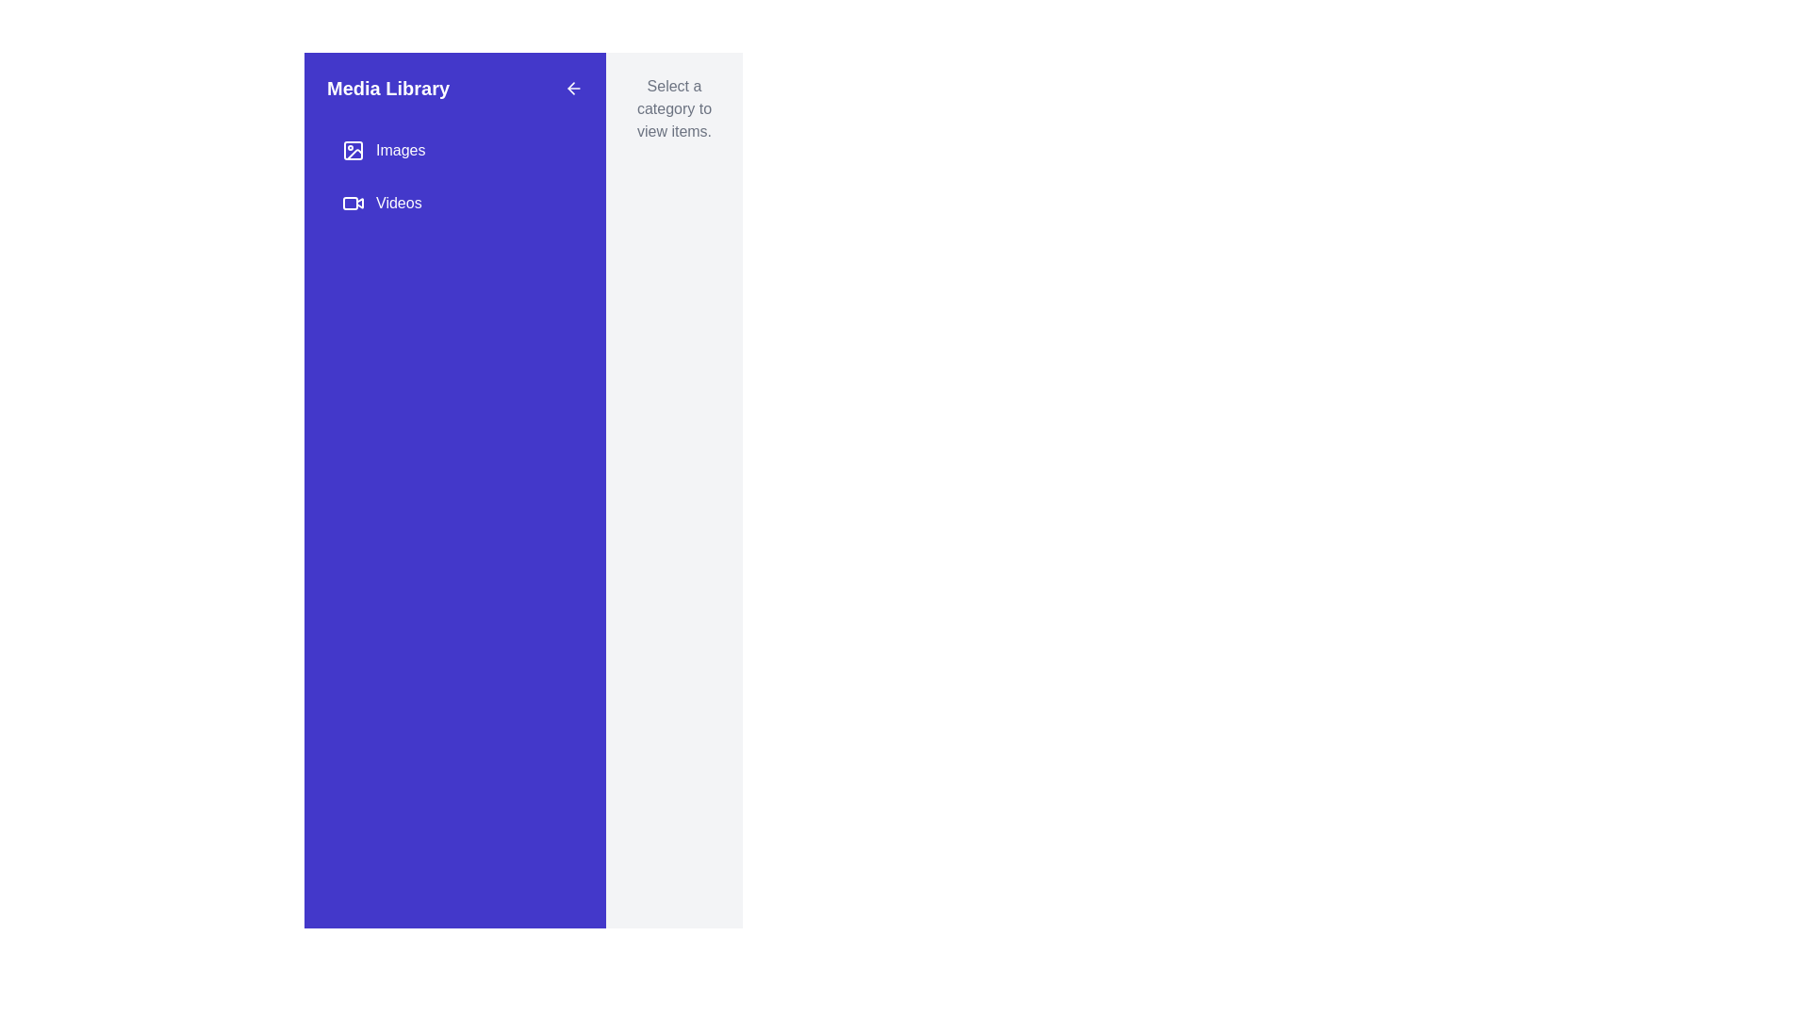 The image size is (1810, 1018). Describe the element at coordinates (387, 88) in the screenshot. I see `bold header text displaying 'Media Library' which is prominently positioned at the top left of a blue panel` at that location.